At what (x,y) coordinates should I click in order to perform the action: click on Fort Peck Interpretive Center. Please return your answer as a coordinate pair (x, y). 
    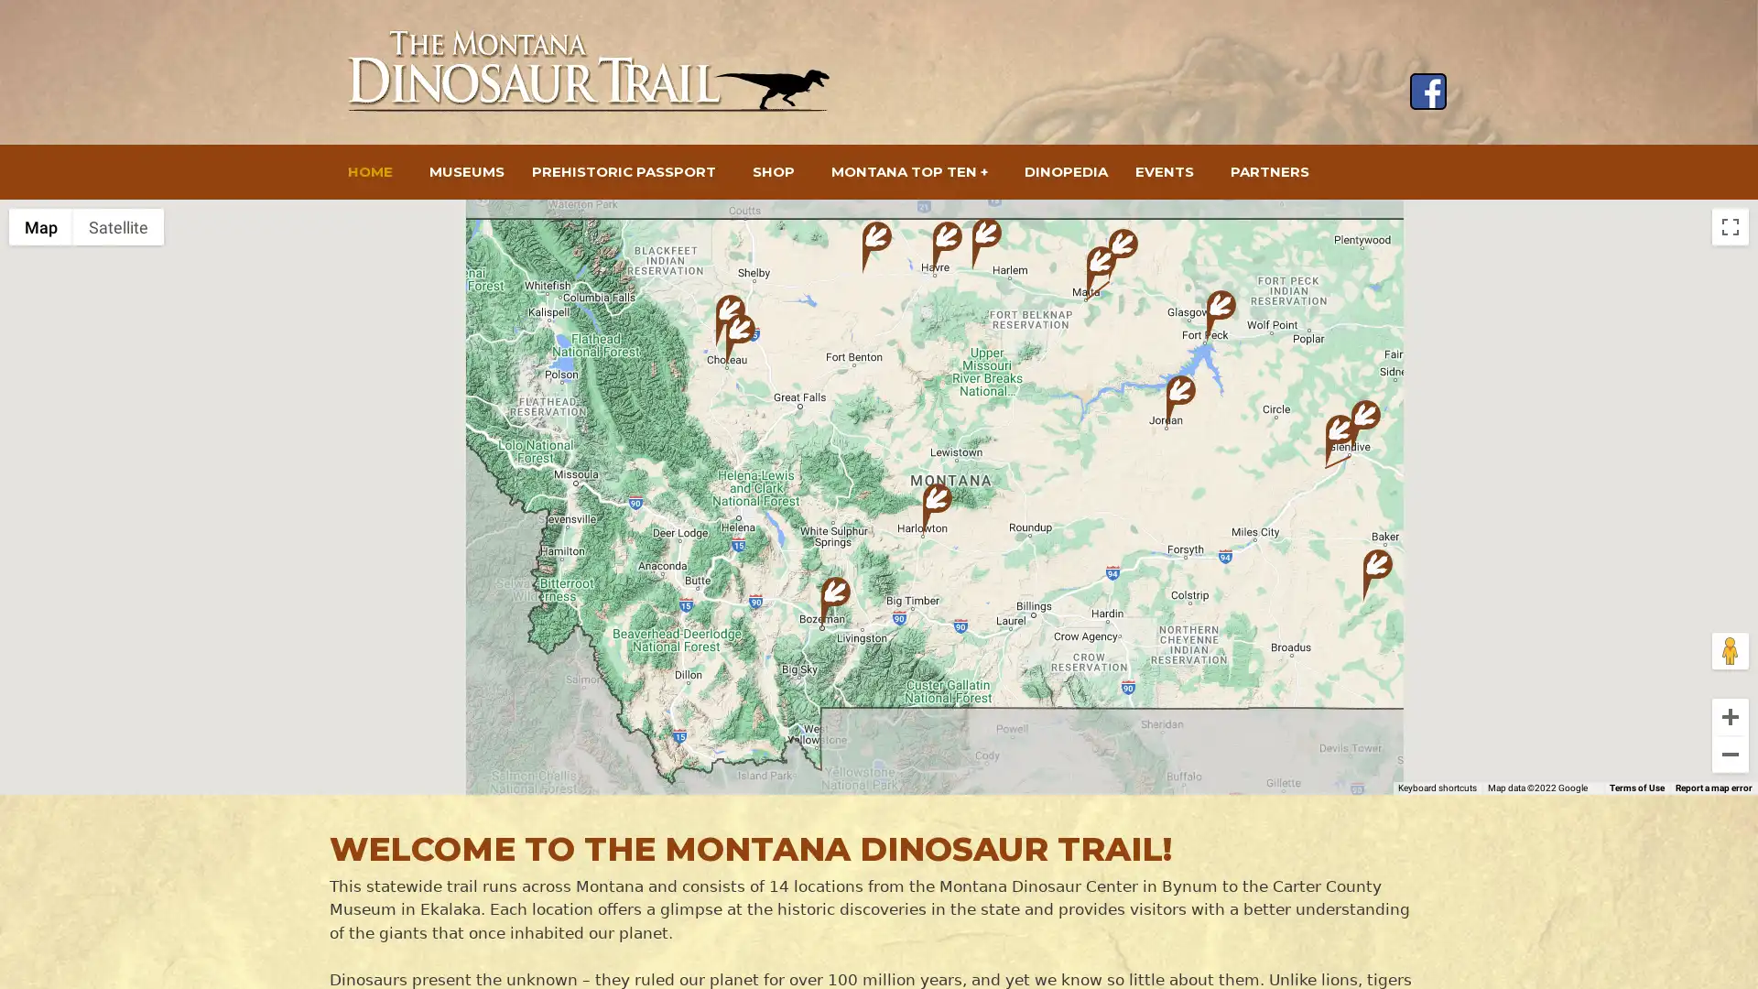
    Looking at the image, I should click on (1221, 315).